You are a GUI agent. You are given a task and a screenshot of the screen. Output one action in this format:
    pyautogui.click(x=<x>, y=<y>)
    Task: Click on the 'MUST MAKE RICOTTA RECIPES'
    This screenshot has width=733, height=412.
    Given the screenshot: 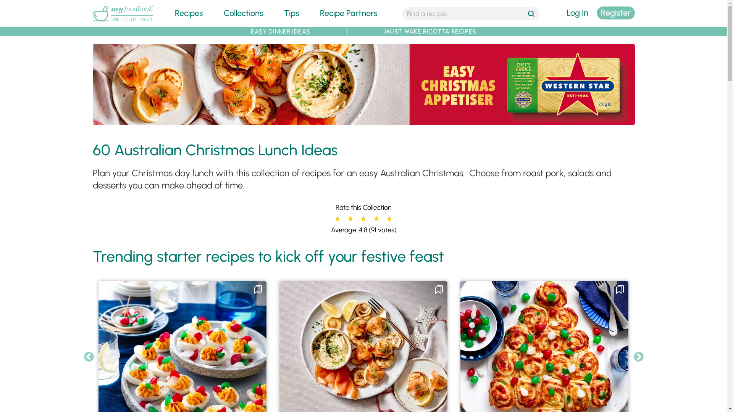 What is the action you would take?
    pyautogui.click(x=430, y=31)
    